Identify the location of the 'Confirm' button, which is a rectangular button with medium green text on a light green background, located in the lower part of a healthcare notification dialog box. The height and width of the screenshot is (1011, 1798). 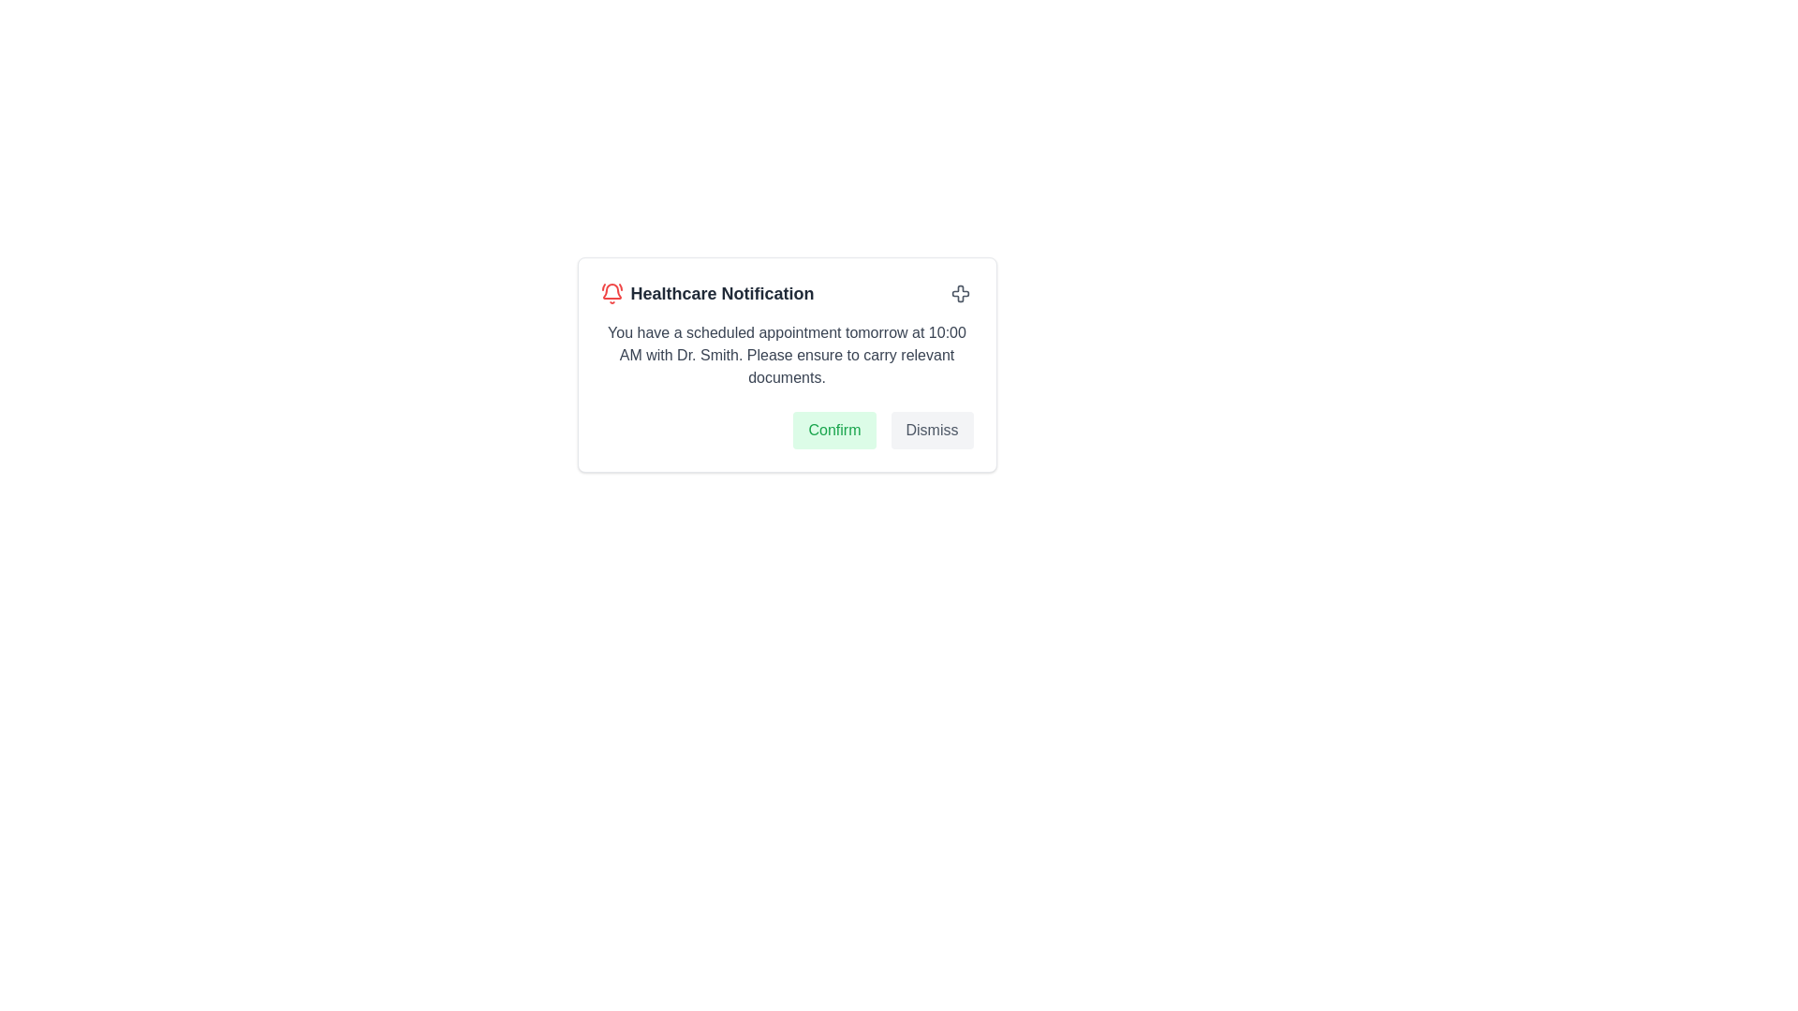
(833, 430).